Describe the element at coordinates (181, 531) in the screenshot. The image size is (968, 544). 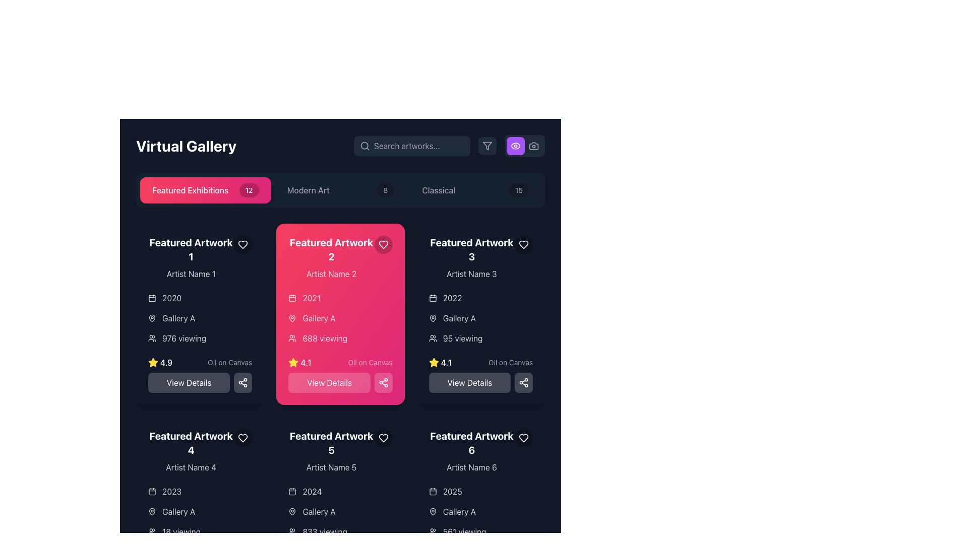
I see `the Text Label displaying '18 viewing', located at the bottom of the 'Featured Artwork 4' card in the grid layout` at that location.